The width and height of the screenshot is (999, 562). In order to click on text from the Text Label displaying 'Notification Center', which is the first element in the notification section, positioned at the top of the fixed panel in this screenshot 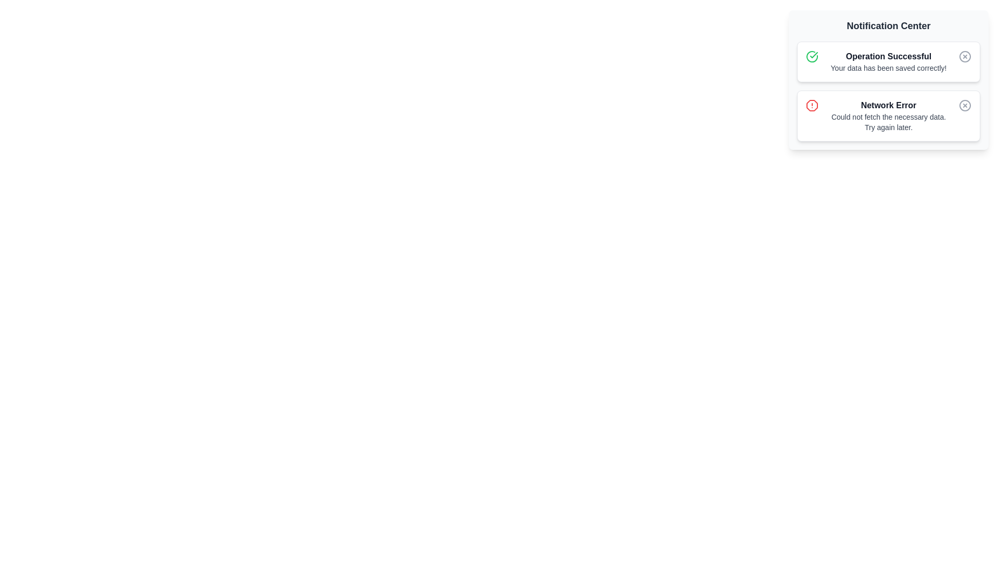, I will do `click(888, 25)`.